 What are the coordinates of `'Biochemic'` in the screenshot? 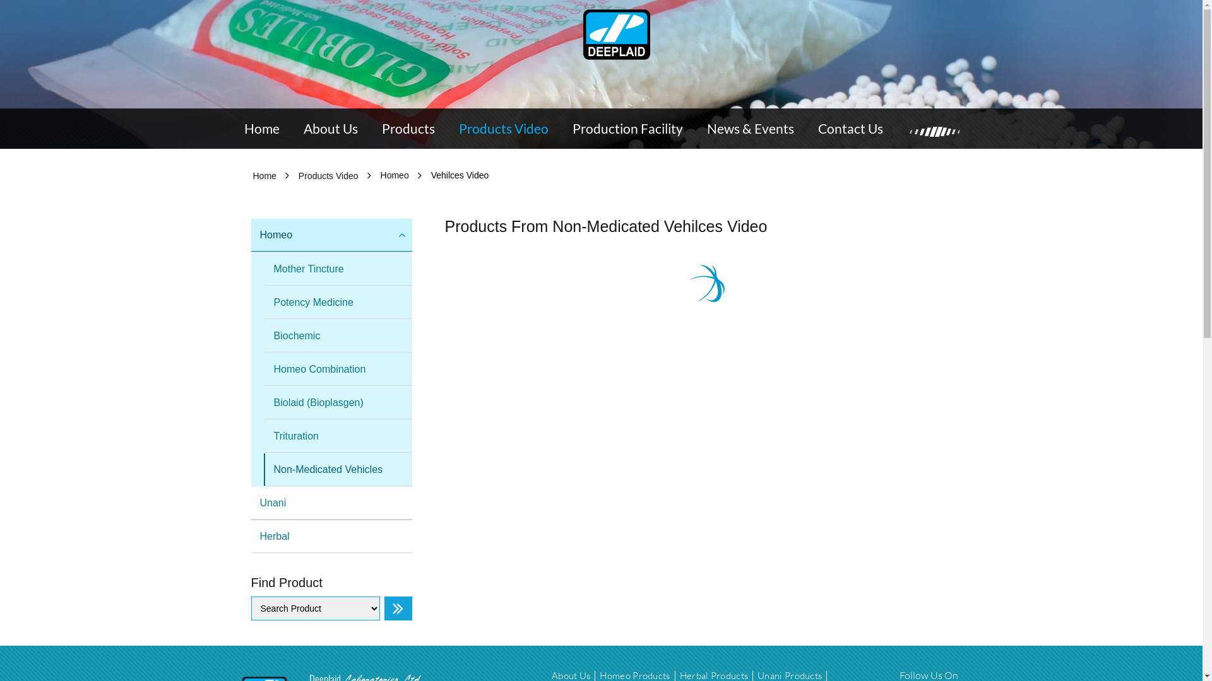 It's located at (338, 335).